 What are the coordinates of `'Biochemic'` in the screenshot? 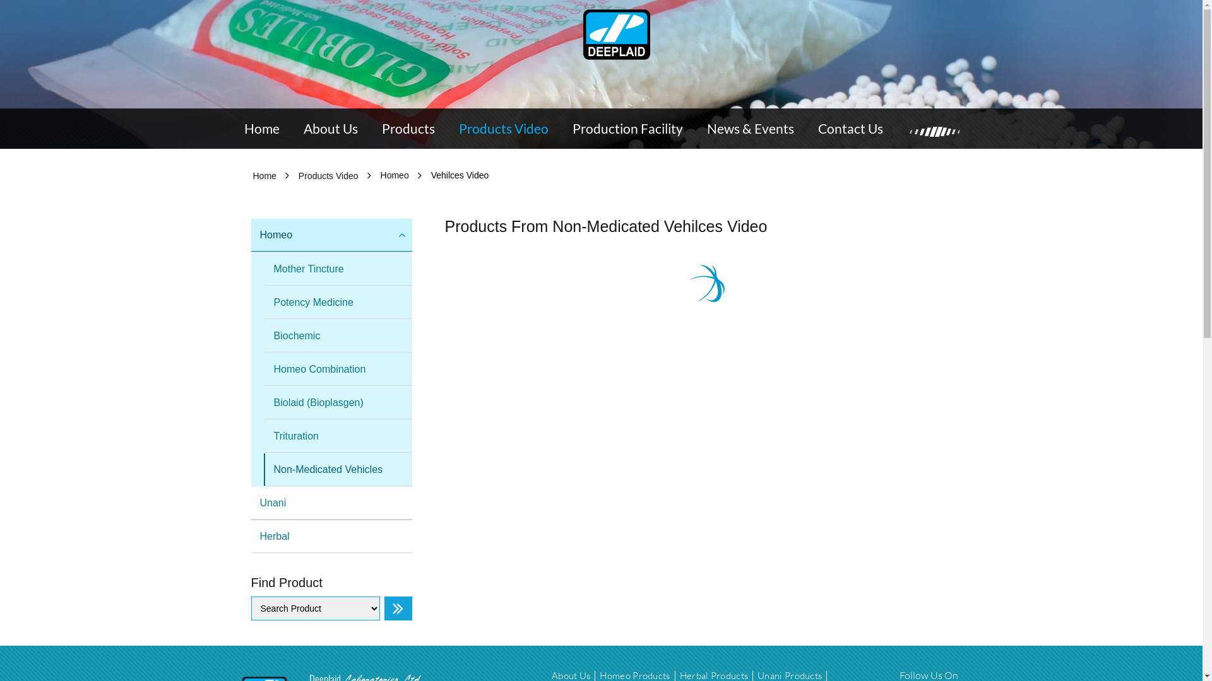 It's located at (338, 335).